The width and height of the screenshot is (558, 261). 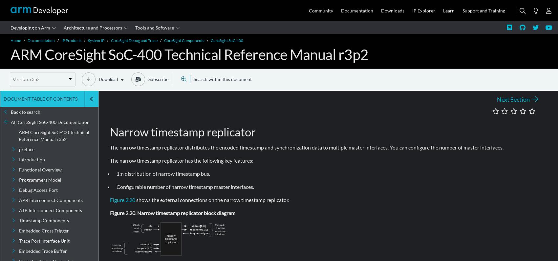 I want to click on 'DOCUMENT TABLE OF CONTENTS', so click(x=40, y=99).